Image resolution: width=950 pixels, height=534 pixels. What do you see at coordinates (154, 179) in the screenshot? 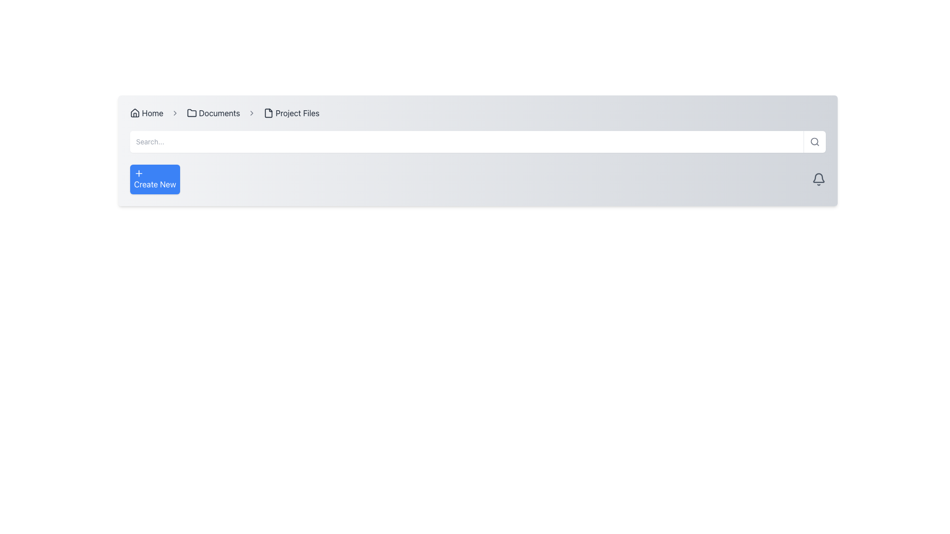
I see `the rectangular button with a blue background and white text displaying 'Create New' to trigger the hover effects` at bounding box center [154, 179].